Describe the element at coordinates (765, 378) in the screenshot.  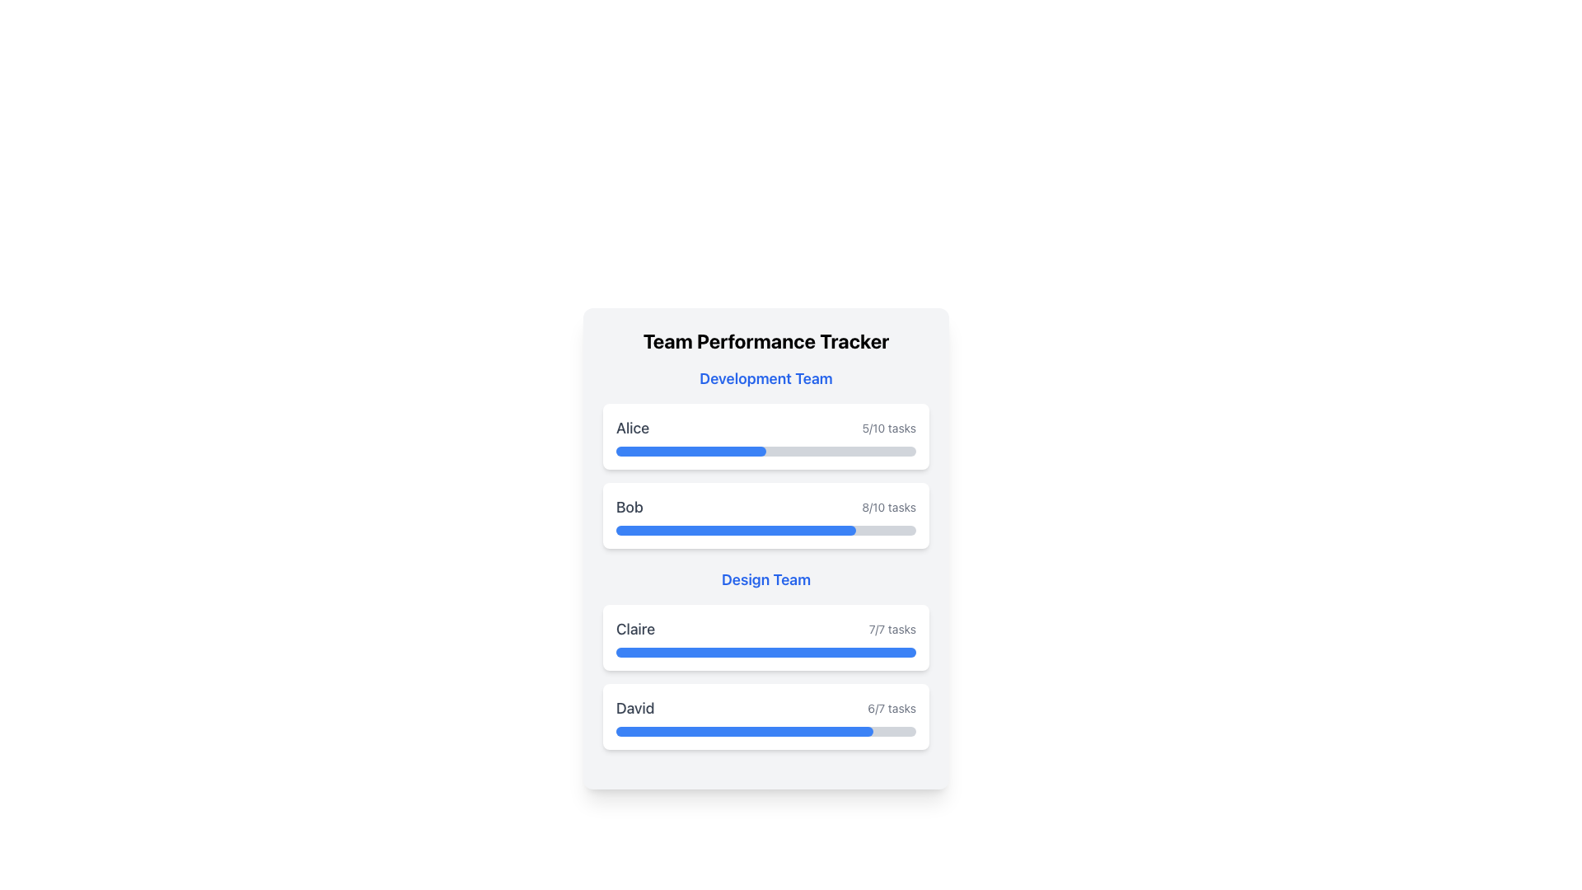
I see `text label indicating the development team, positioned above the team member cards for 'Alice' and 'Bob.'` at that location.